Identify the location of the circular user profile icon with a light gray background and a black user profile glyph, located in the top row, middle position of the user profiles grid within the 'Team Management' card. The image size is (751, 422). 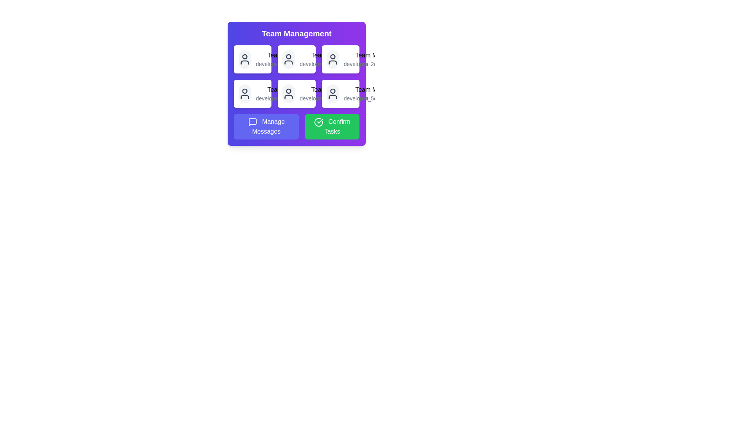
(288, 59).